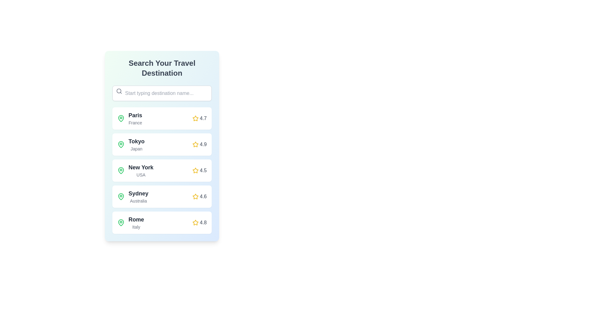 Image resolution: width=596 pixels, height=335 pixels. I want to click on the yellow star-shaped icon located to the right of the text 'Rome' in the list of destinations, so click(195, 222).